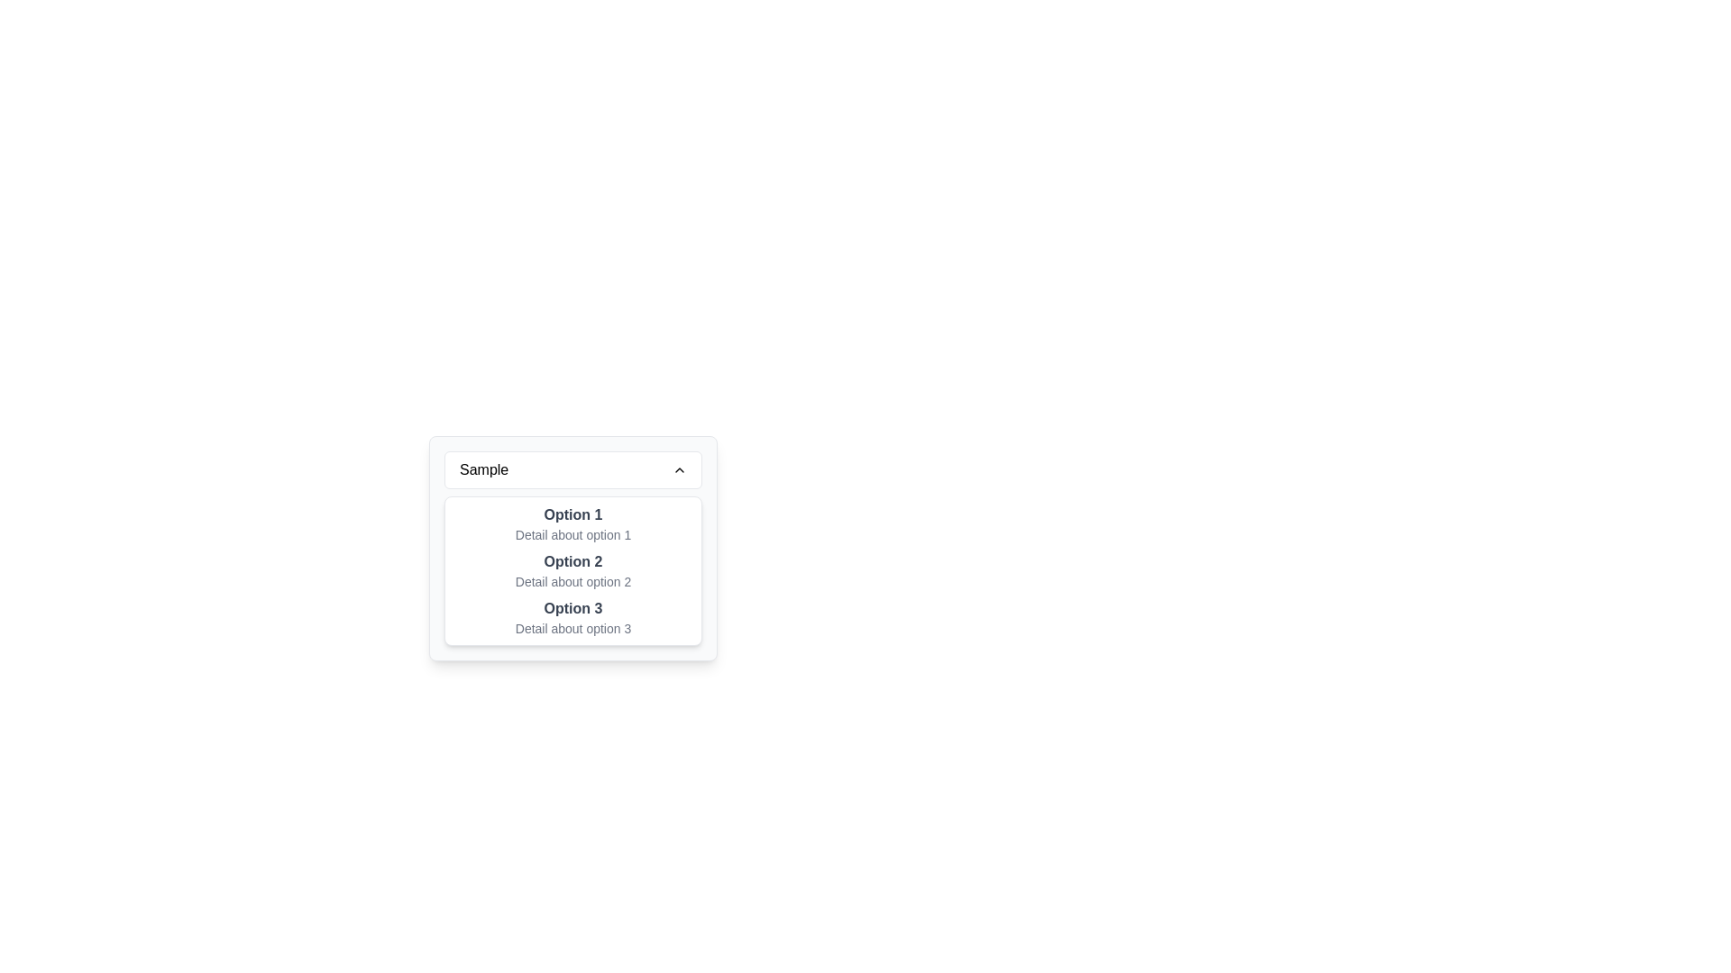  I want to click on the second option labeled 'Option 2' in the dropdown menu, which is styled with a white background and rounded edges, located below 'Option 1' and above 'Option 3', so click(572, 556).